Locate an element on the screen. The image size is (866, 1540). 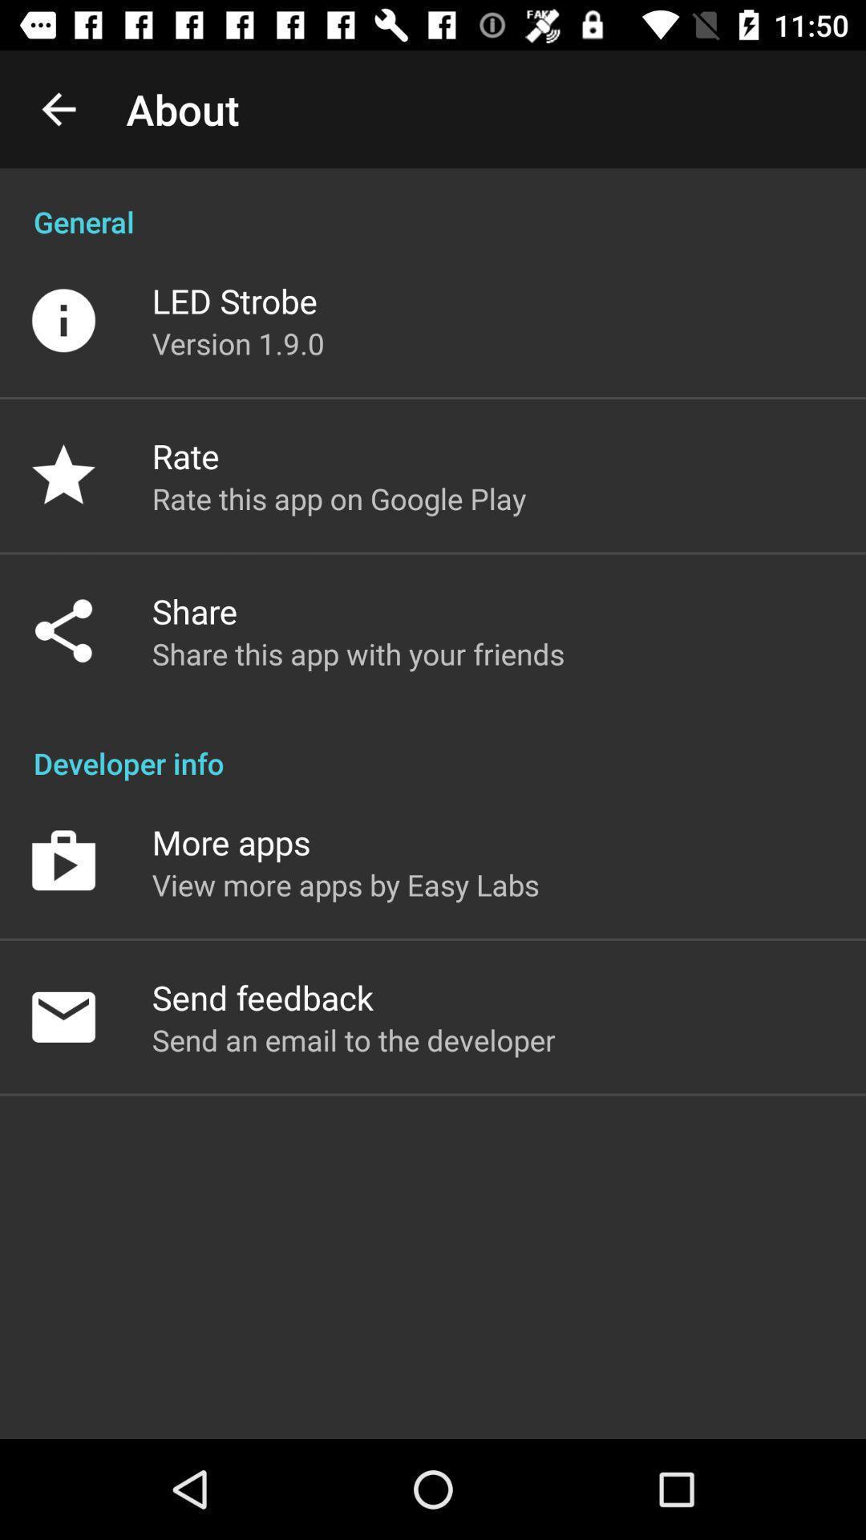
go back is located at coordinates (58, 108).